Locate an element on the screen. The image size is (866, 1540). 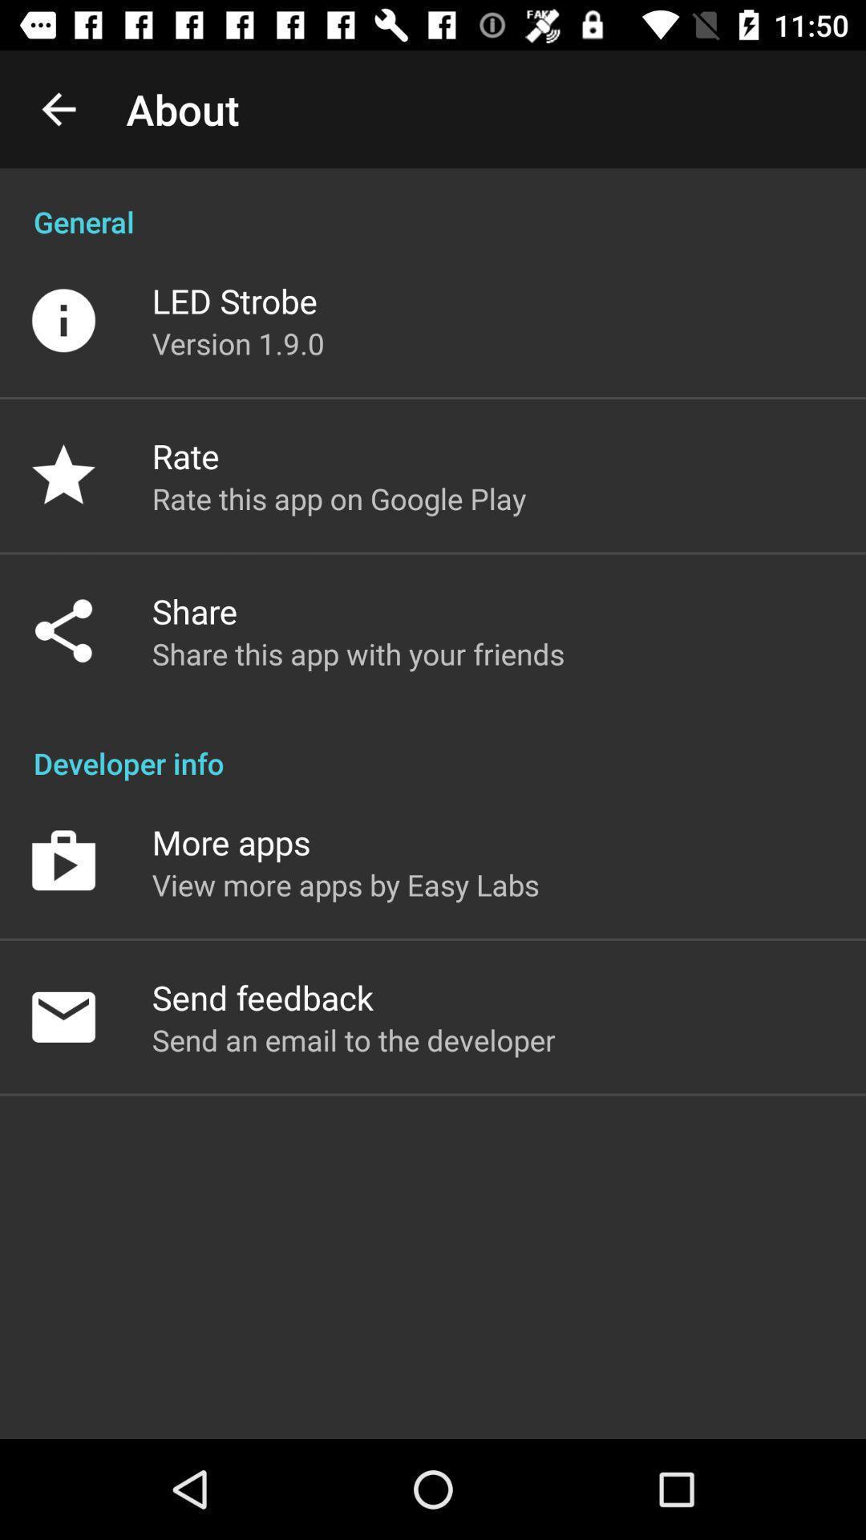
go back is located at coordinates (58, 108).